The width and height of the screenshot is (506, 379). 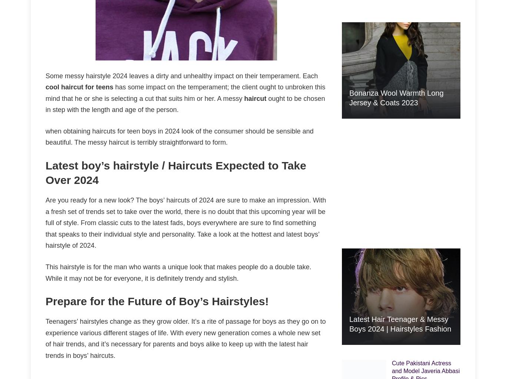 I want to click on 'has some impact on the temperament; the client ought to unbroken this mind that he or she is selecting a cut that suits him or her. A messy', so click(x=185, y=92).